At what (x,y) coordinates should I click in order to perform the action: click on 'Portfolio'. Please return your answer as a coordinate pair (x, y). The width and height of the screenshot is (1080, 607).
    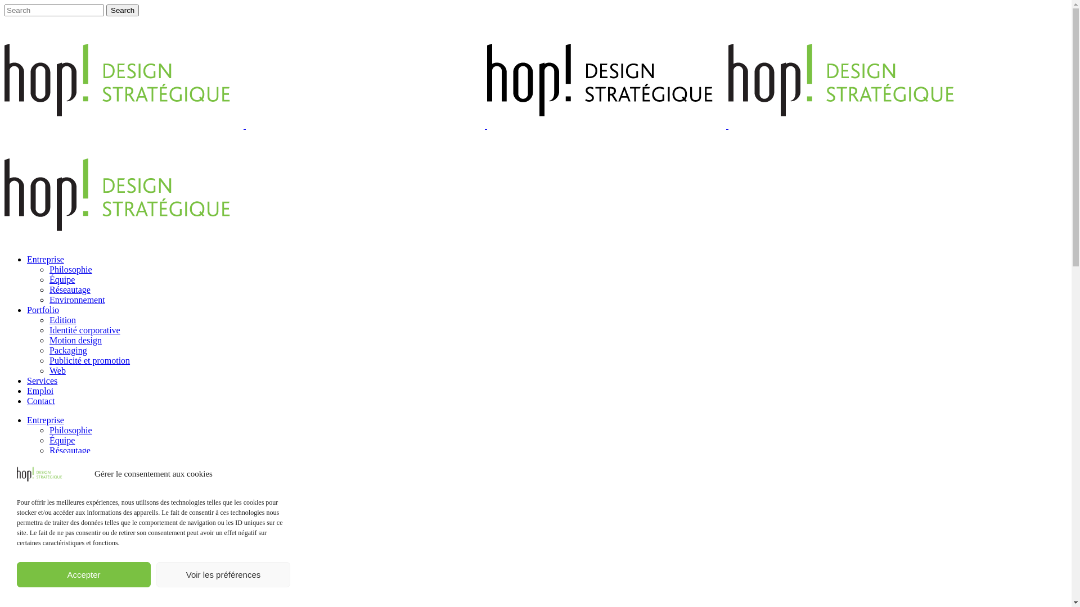
    Looking at the image, I should click on (27, 310).